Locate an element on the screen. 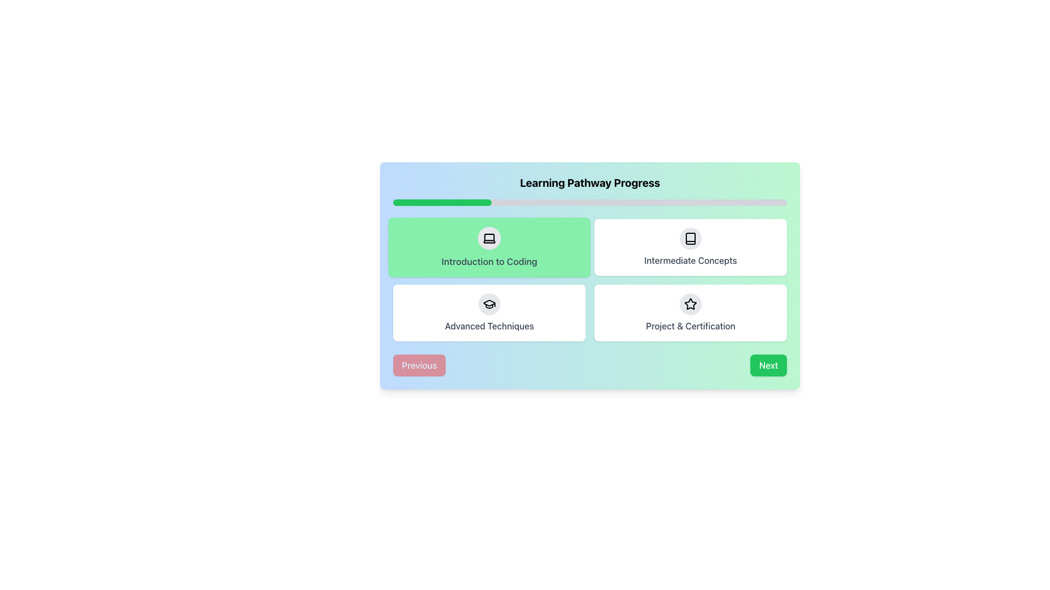  progress is located at coordinates (625, 202).